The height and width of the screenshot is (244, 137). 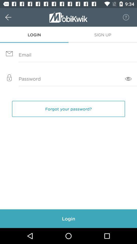 What do you see at coordinates (123, 17) in the screenshot?
I see `icon to the right of the r item` at bounding box center [123, 17].